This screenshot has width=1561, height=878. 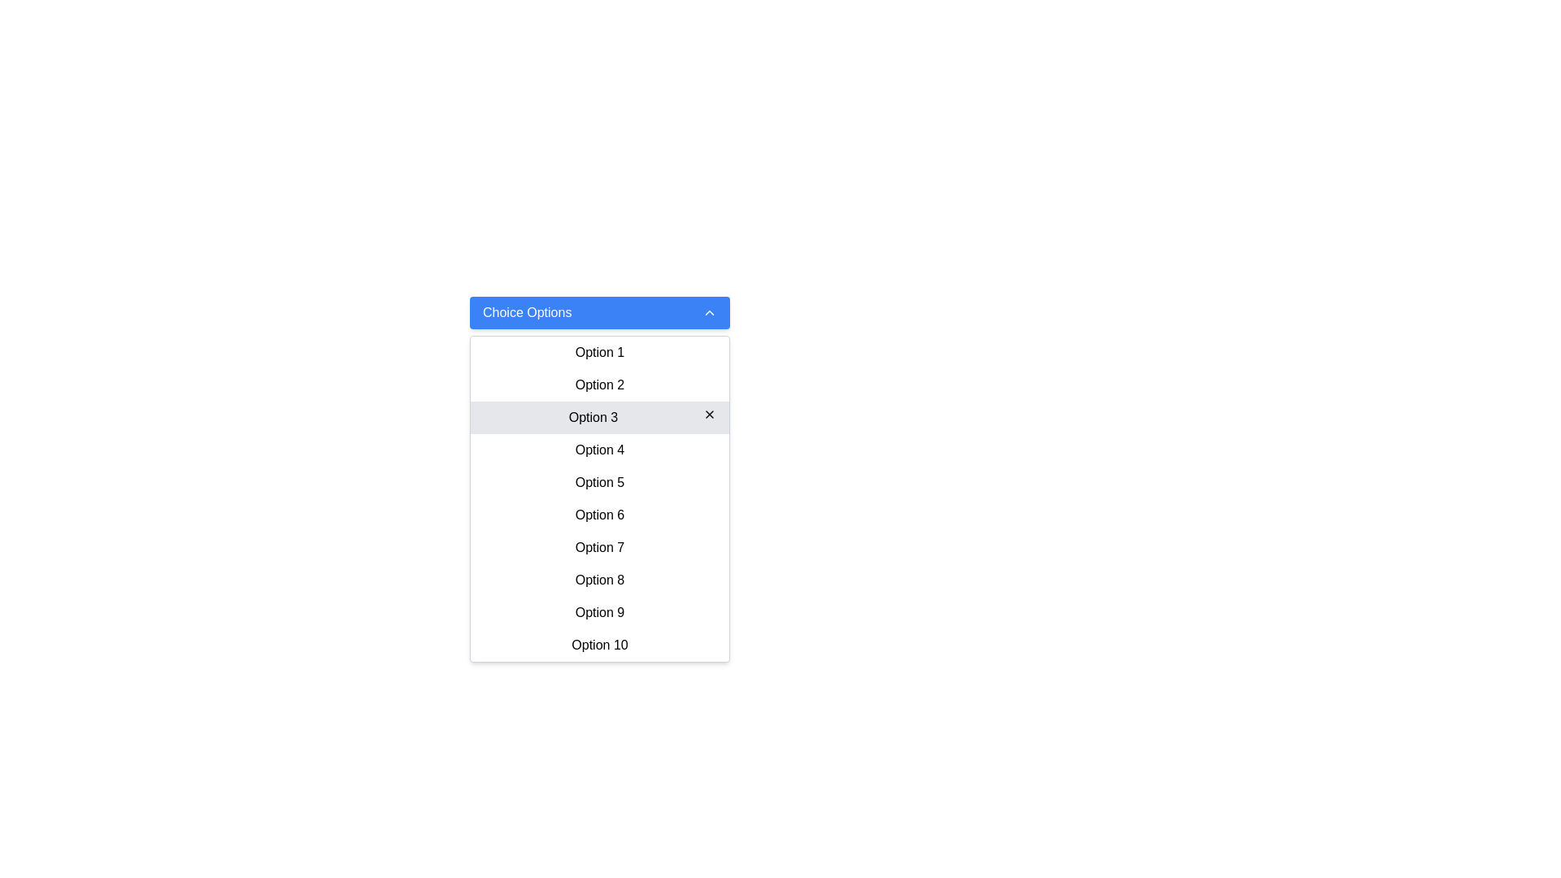 What do you see at coordinates (599, 313) in the screenshot?
I see `the dropdown toggle button located at the top of the dropdown structure` at bounding box center [599, 313].